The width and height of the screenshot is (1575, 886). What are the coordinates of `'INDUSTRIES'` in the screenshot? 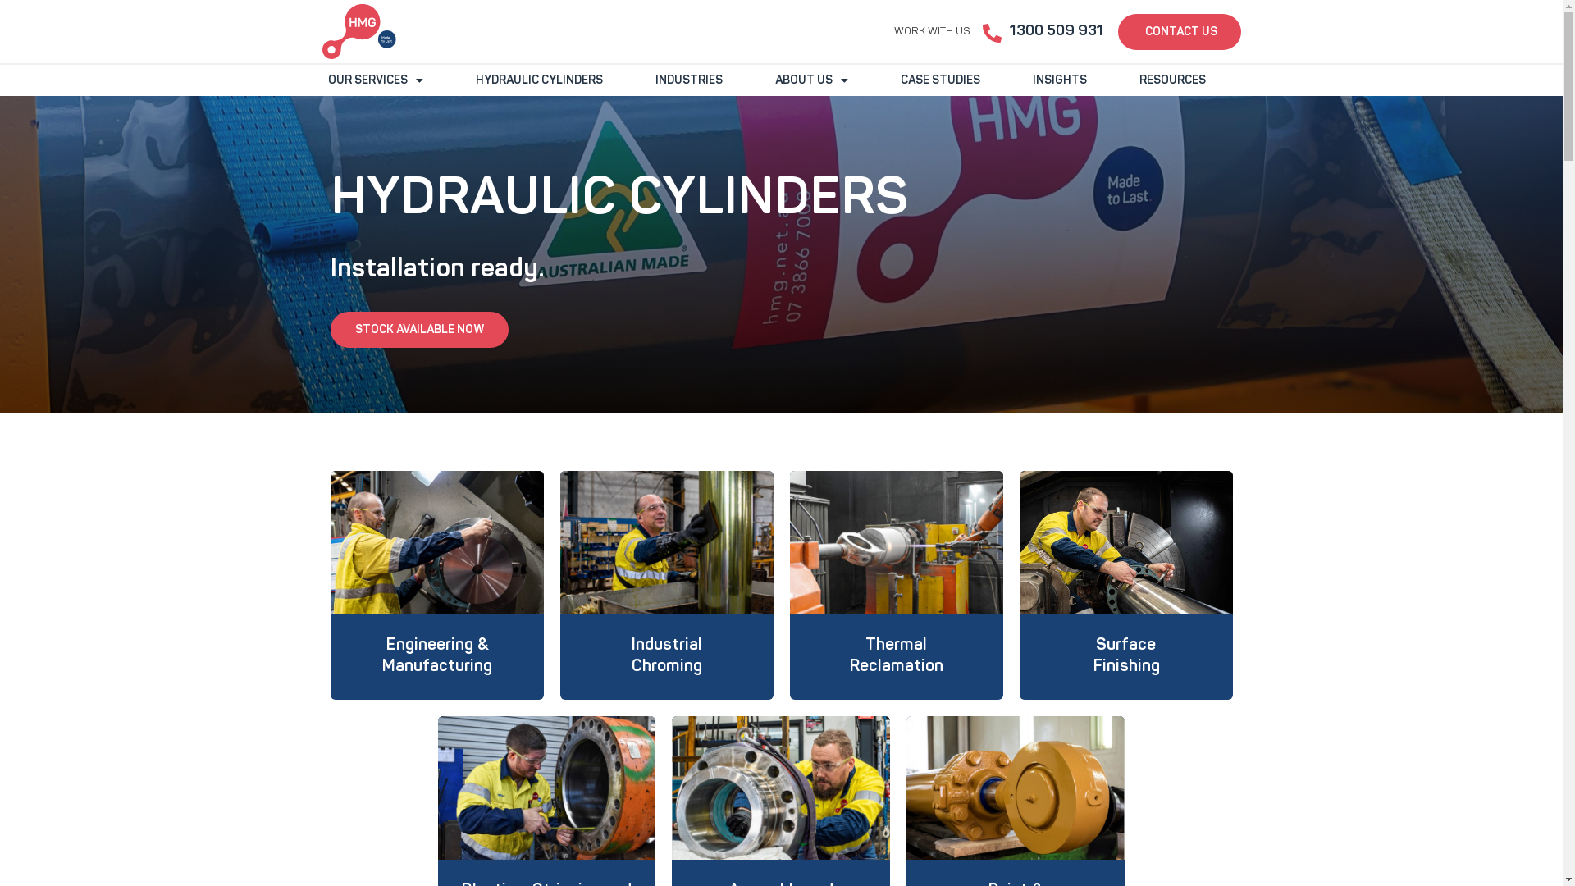 It's located at (689, 80).